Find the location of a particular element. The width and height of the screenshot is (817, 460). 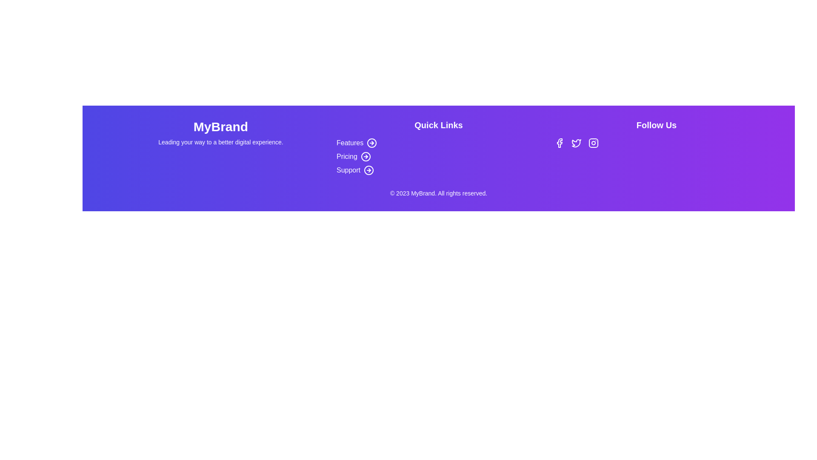

the circular arrow icon pointing to the right, which is located next to the 'Pricing' text in the 'Quick Links' section of the interface is located at coordinates (366, 156).